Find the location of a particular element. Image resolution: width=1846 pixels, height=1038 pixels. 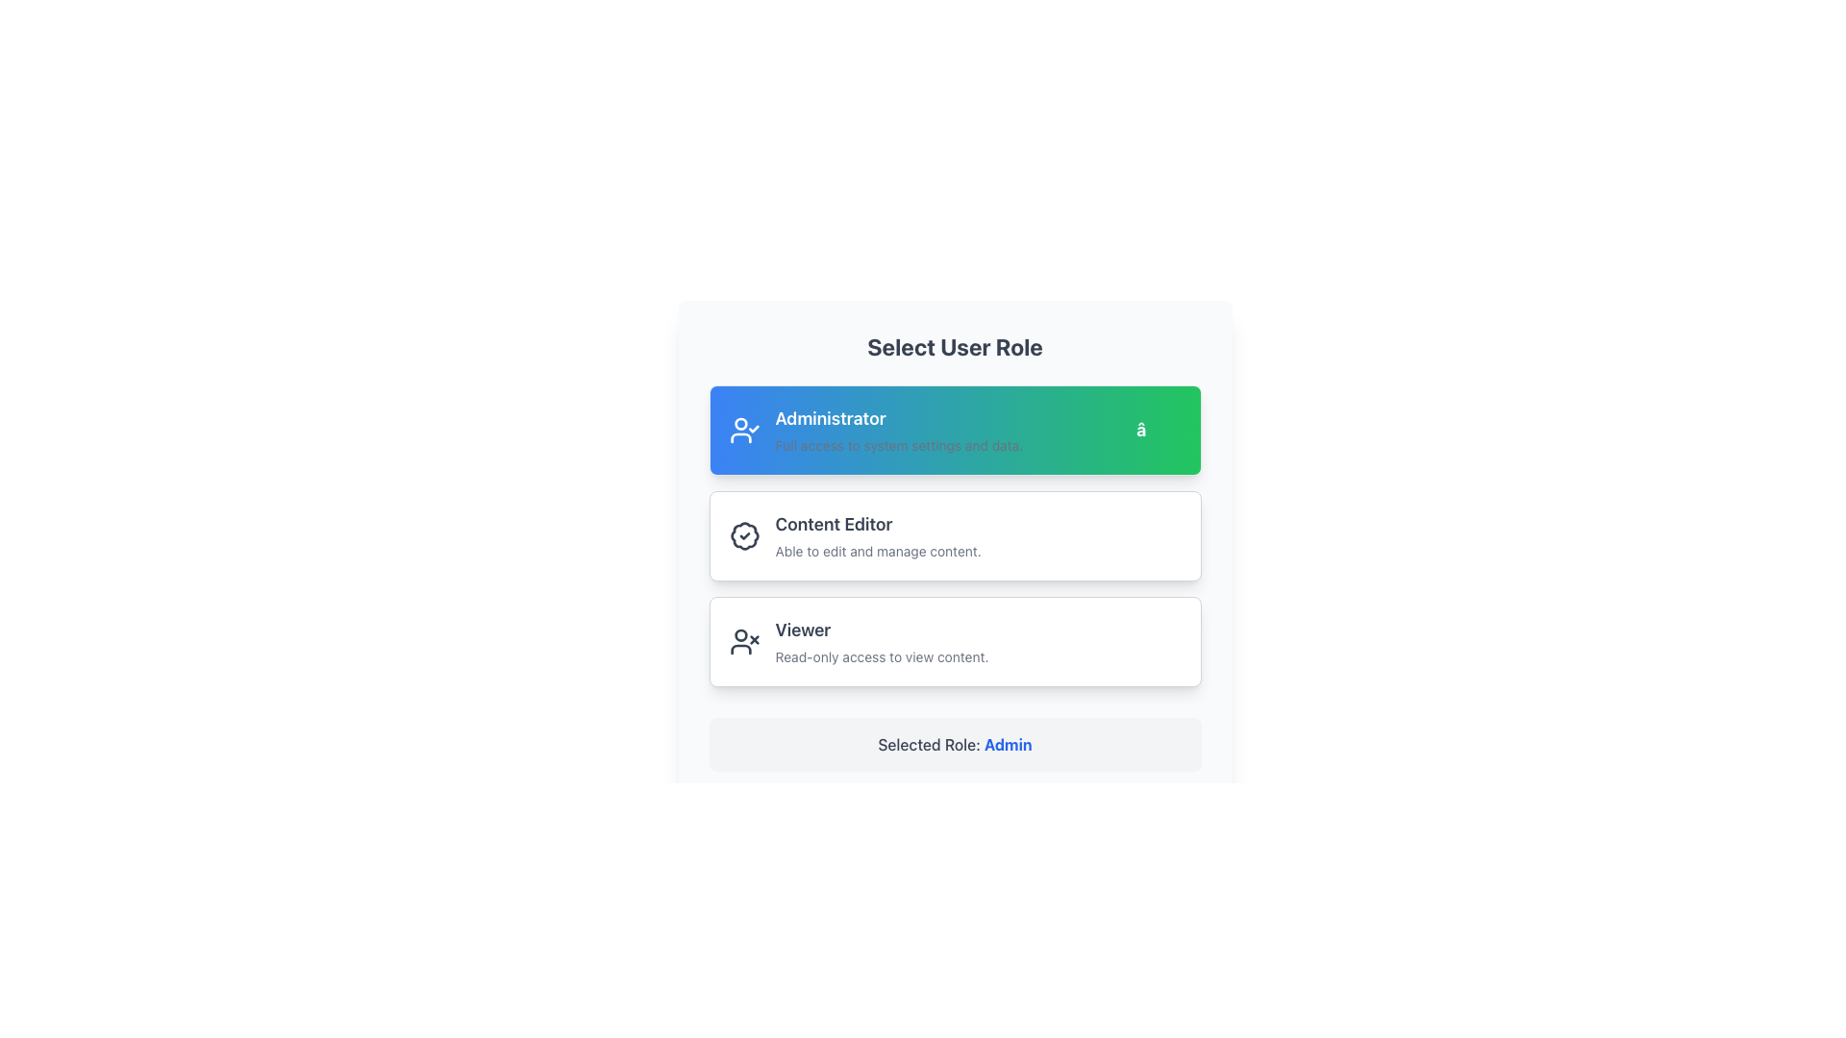

the static text header that says 'Select User Role', located centrally above the selectable user role options is located at coordinates (955, 347).